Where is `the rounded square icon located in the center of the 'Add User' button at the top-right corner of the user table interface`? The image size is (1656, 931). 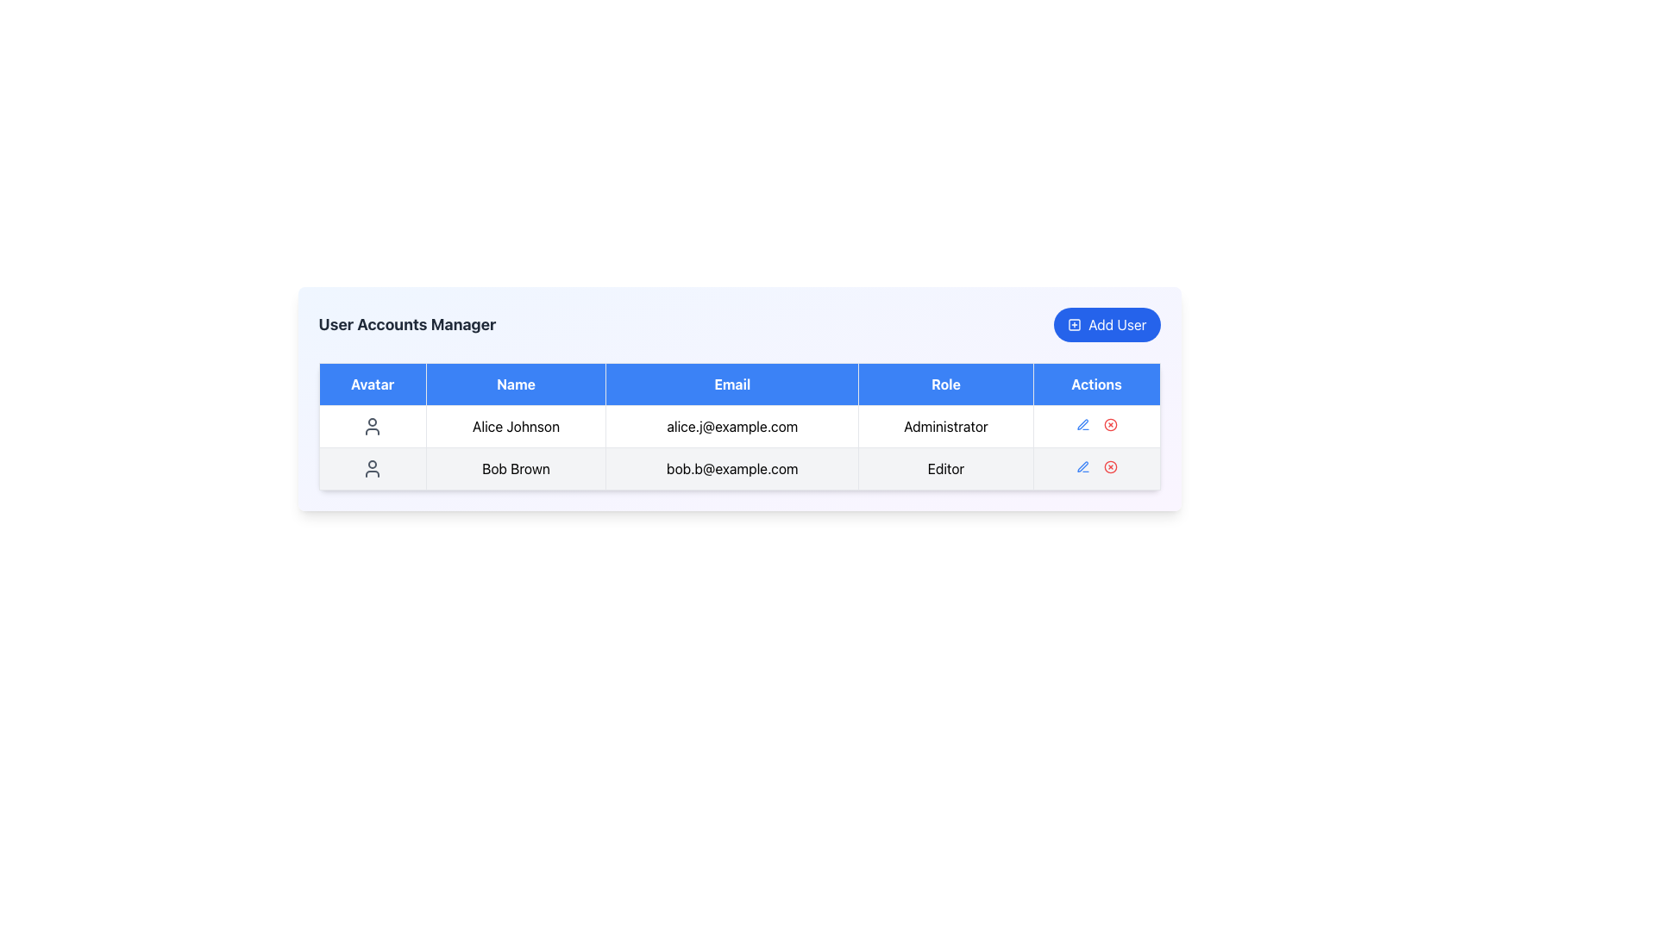 the rounded square icon located in the center of the 'Add User' button at the top-right corner of the user table interface is located at coordinates (1074, 325).